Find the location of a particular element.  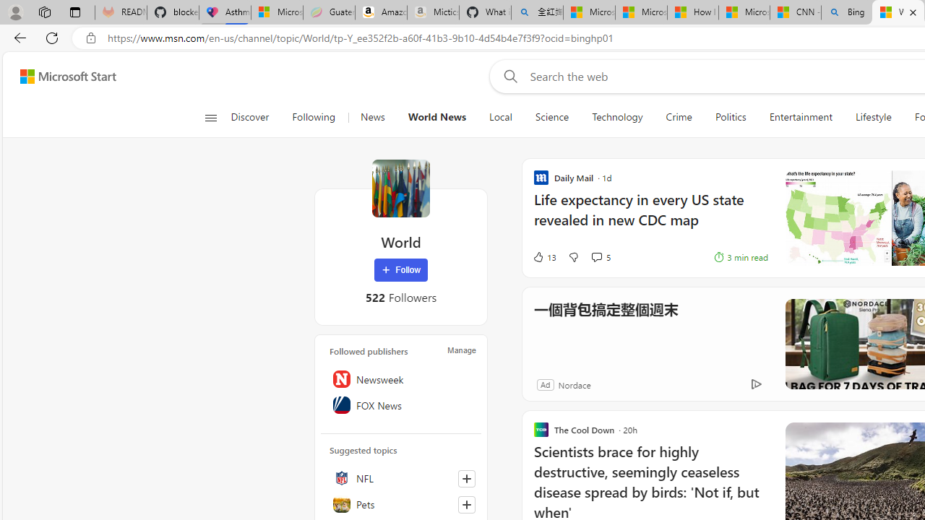

'13 Like' is located at coordinates (543, 256).